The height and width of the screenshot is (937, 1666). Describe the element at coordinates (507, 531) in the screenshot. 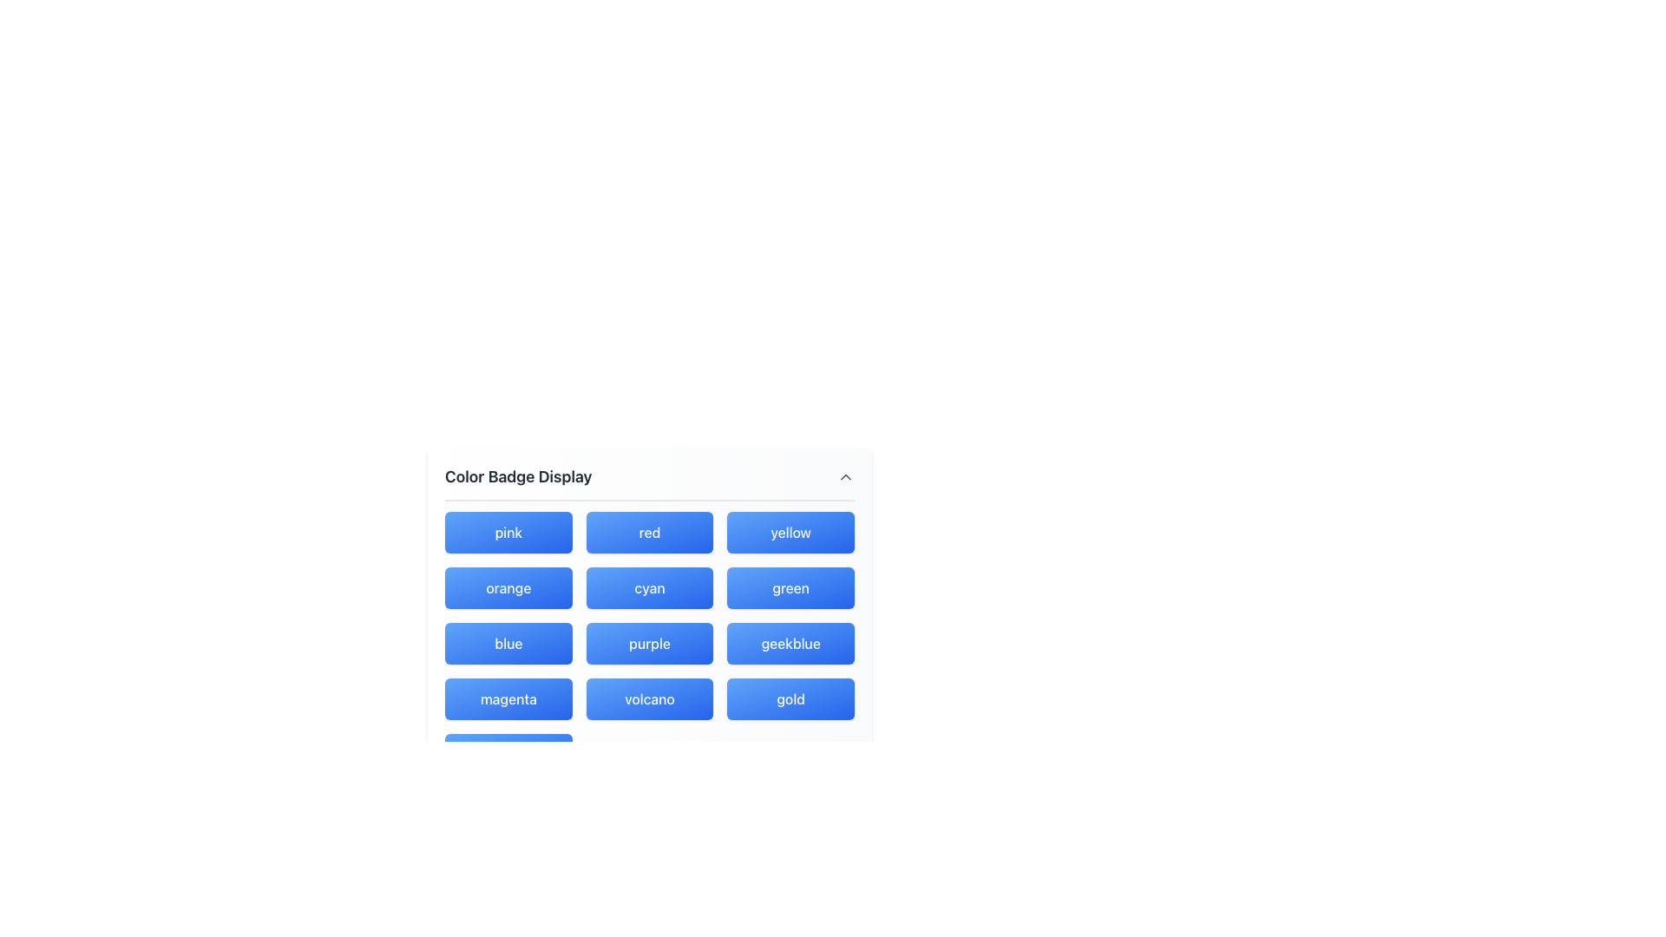

I see `the pink color button located in the first column of the first row of the grid layout` at that location.